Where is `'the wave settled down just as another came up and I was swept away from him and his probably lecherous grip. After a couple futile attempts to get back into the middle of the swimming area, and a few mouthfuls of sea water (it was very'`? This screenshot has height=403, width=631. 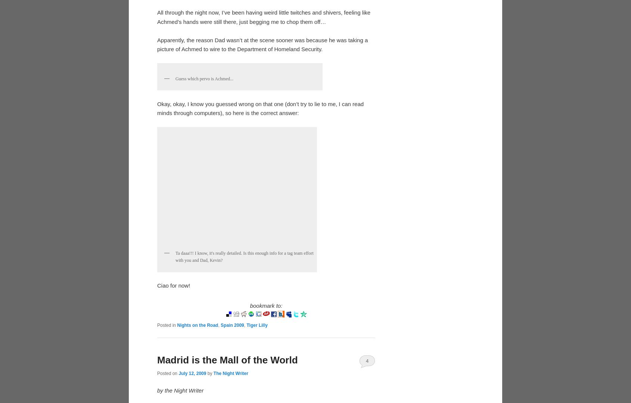 'the wave settled down just as another came up and I was swept away from him and his probably lecherous grip. After a couple futile attempts to get back into the middle of the swimming area, and a few mouthfuls of sea water (it was very' is located at coordinates (156, 57).